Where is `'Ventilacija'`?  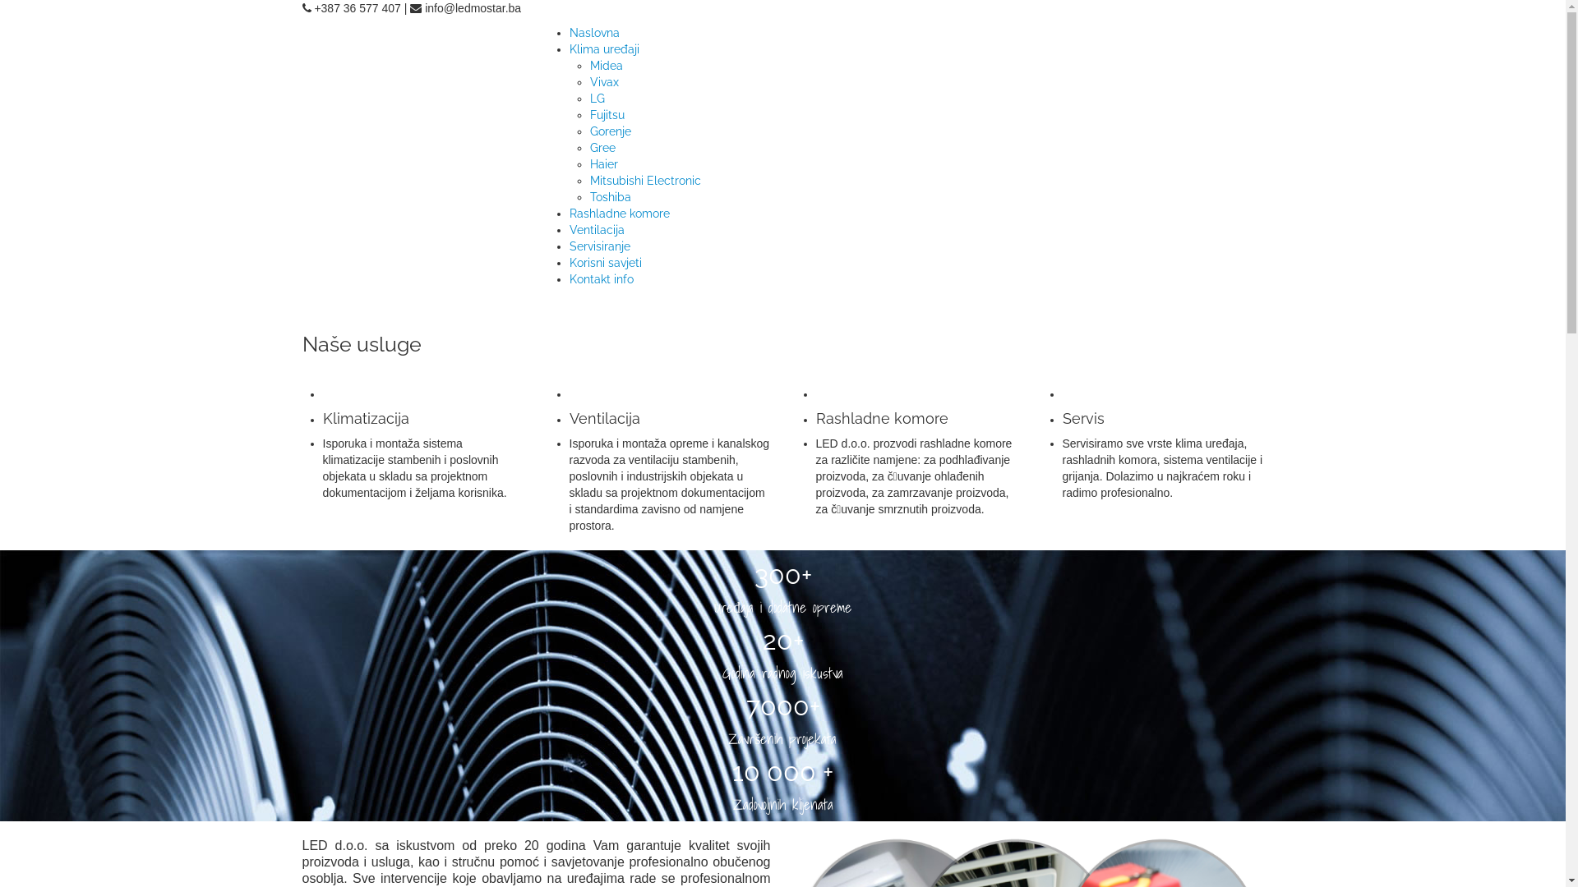
'Ventilacija' is located at coordinates (595, 230).